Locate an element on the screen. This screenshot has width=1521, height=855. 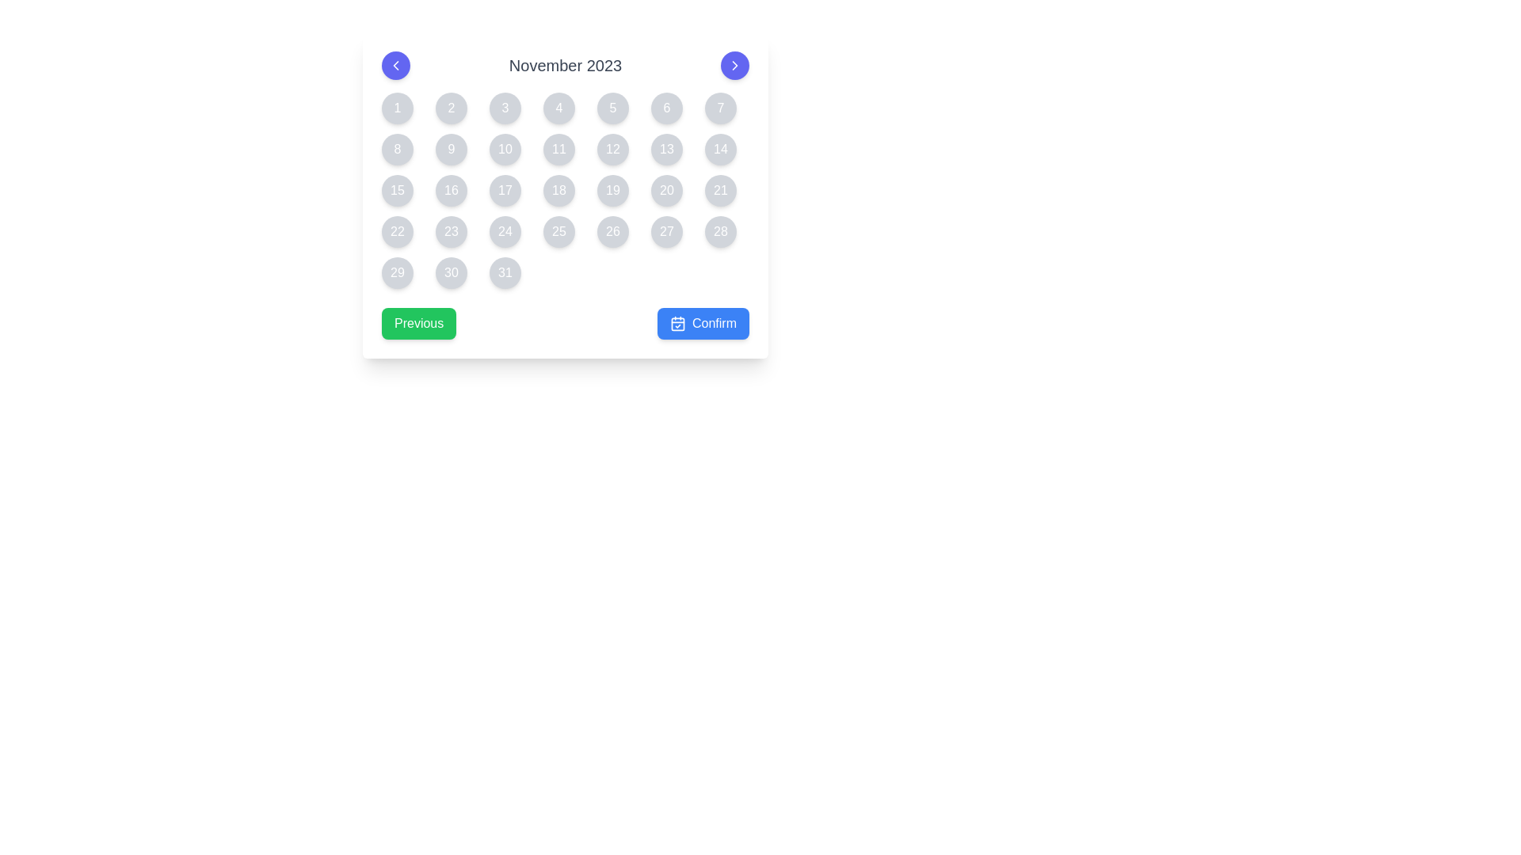
the circular button with a light gray background and the number '26' centered in white text to trigger hover effects is located at coordinates (612, 232).